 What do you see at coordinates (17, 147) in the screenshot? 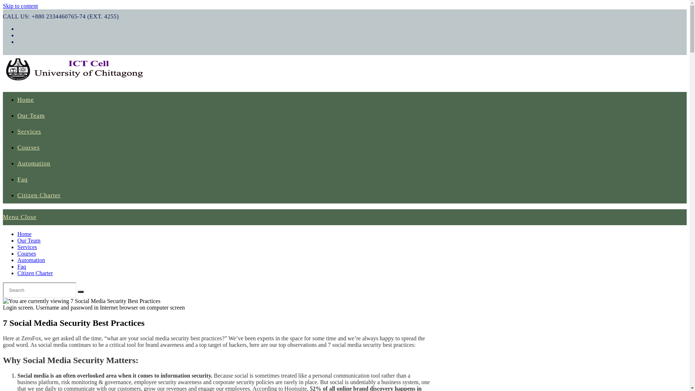
I see `'Courses'` at bounding box center [17, 147].